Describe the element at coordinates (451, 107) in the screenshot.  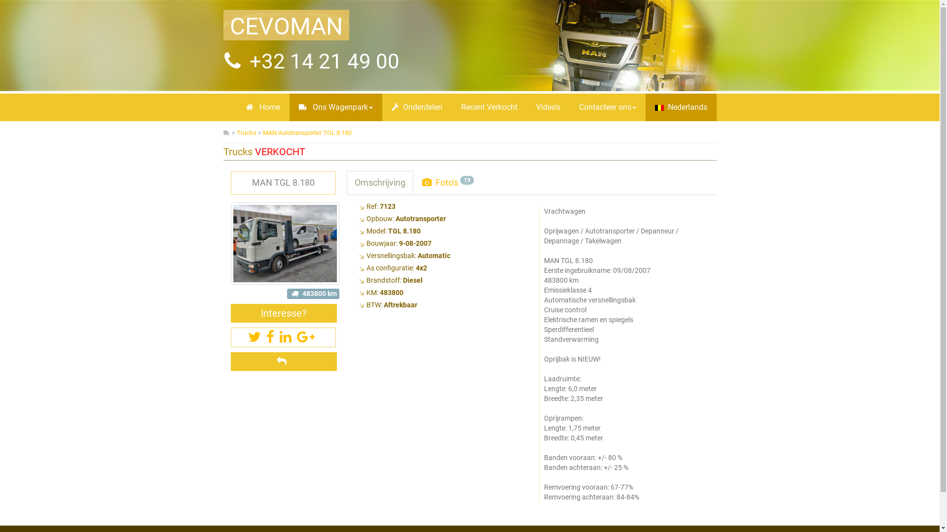
I see `'Recent Verkocht'` at that location.